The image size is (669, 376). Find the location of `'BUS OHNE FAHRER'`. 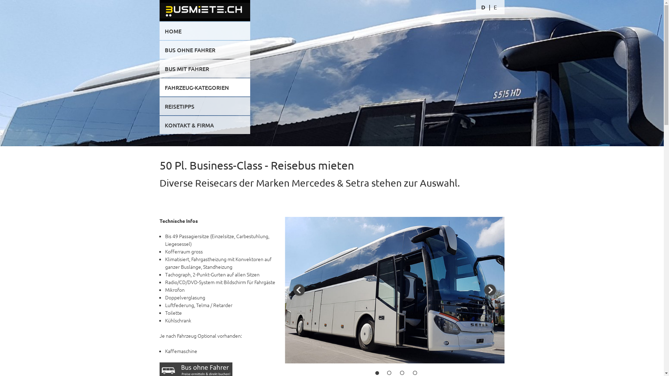

'BUS OHNE FAHRER' is located at coordinates (205, 49).